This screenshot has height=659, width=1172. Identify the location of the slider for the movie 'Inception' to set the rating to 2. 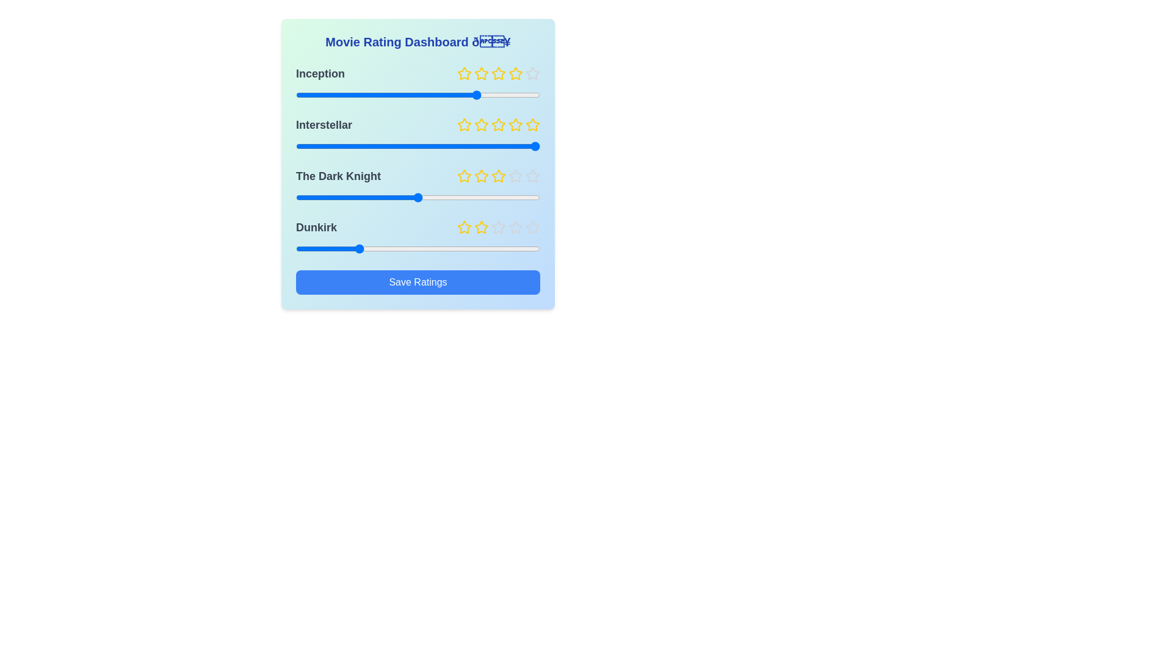
(356, 94).